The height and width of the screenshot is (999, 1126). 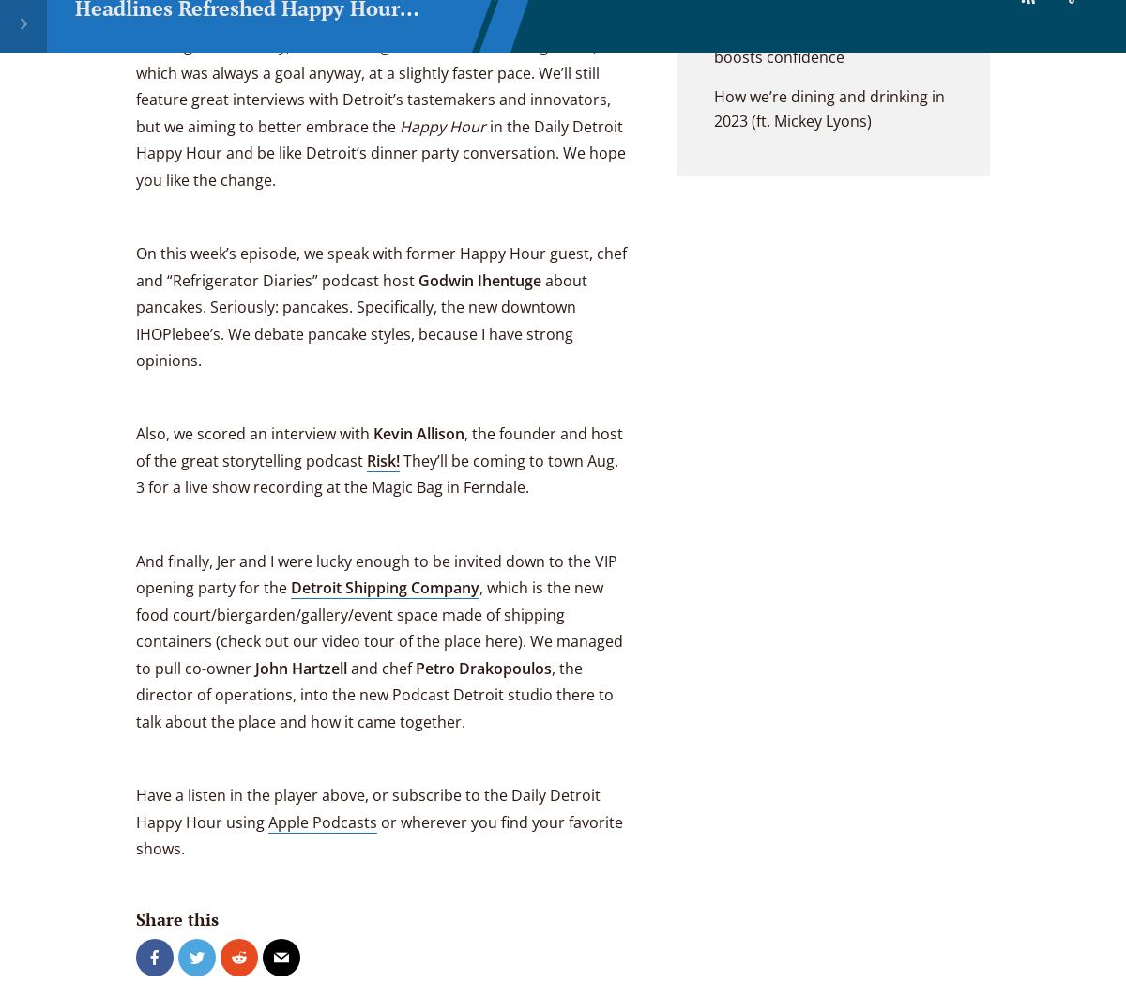 What do you see at coordinates (383, 459) in the screenshot?
I see `'Risk!'` at bounding box center [383, 459].